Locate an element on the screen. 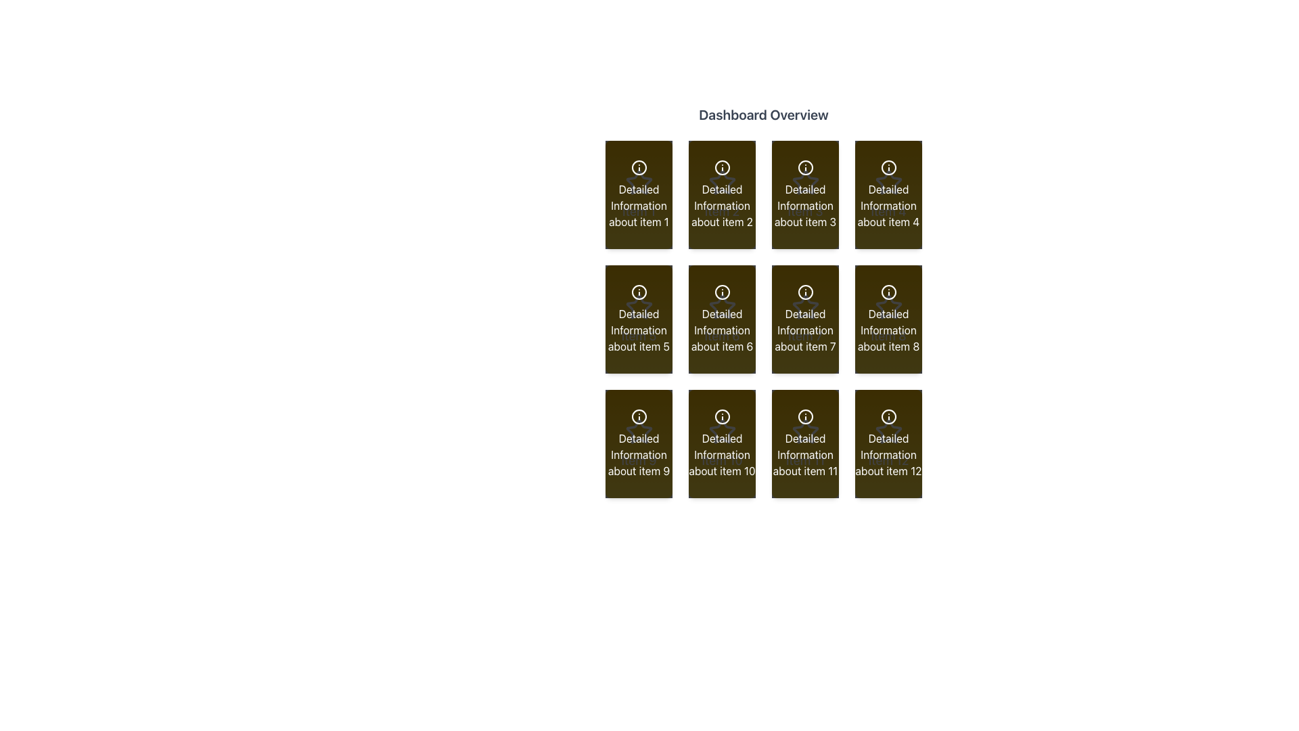  the star-shaped icon with a clean geometric design, styled in white and situated above the text 'Item 4' on a yellow-to-brown gradient background is located at coordinates (888, 183).